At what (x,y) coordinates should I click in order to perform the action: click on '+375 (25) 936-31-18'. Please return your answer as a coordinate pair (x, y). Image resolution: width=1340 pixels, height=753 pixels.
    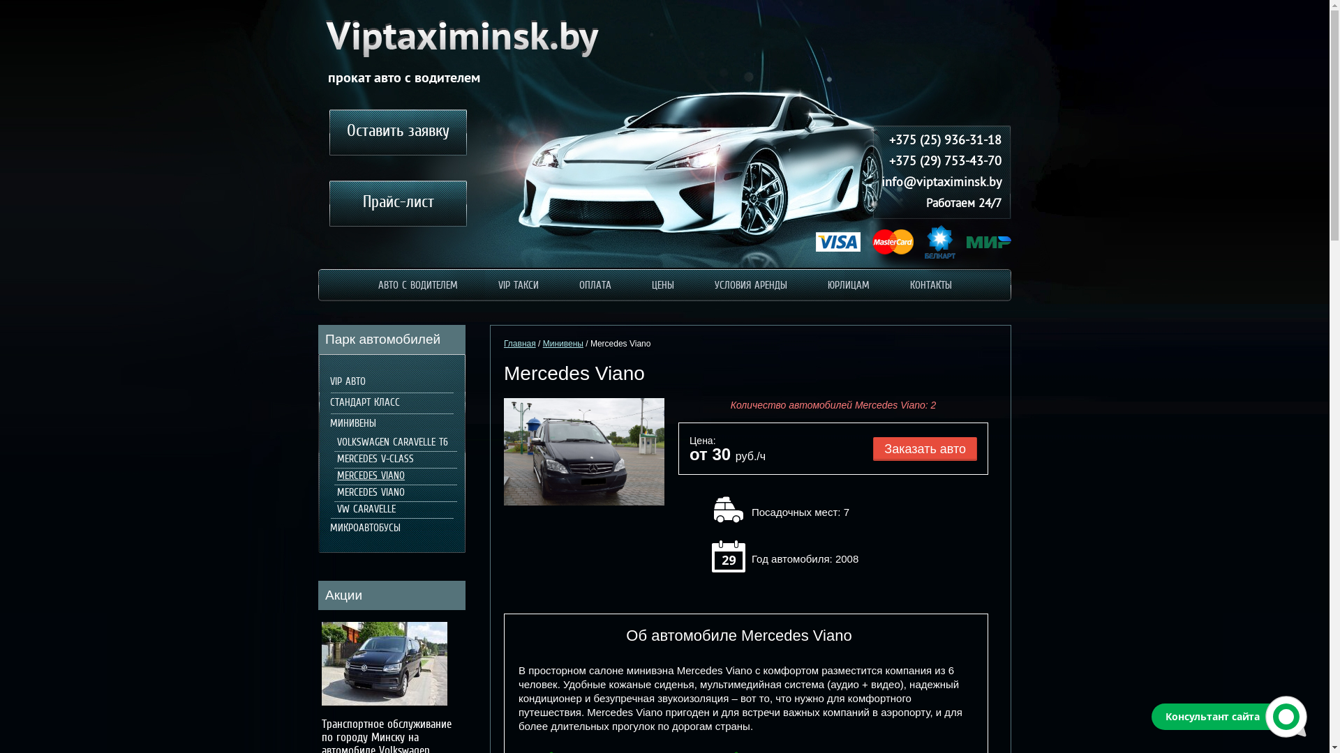
    Looking at the image, I should click on (937, 142).